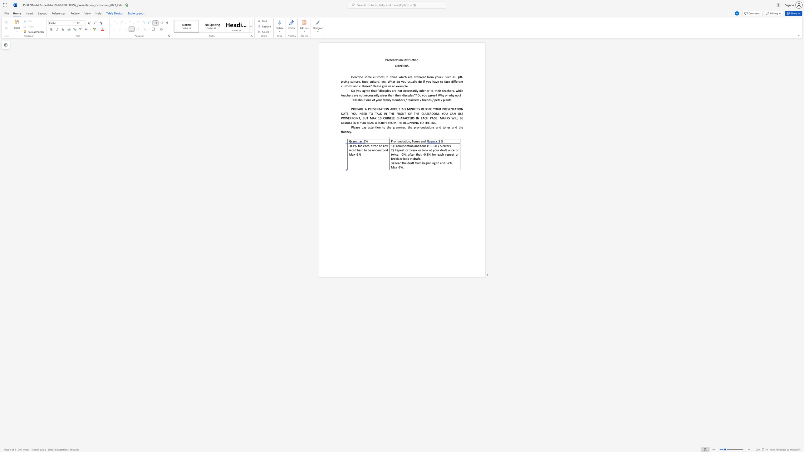 This screenshot has height=452, width=804. I want to click on the 4th character "r" in the text, so click(449, 146).